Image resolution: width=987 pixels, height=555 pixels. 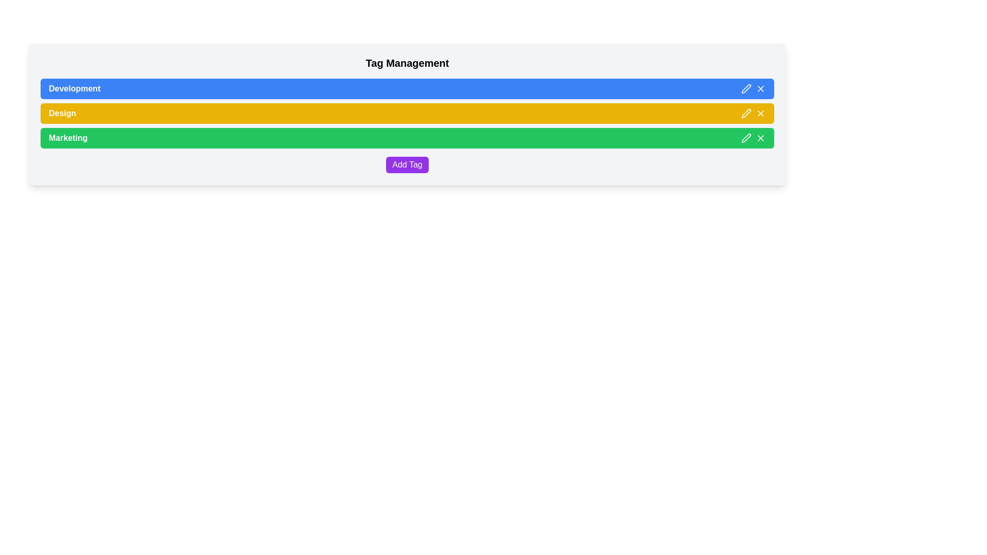 I want to click on the small 'X' icon button on the right end of the yellow horizontal bar labeled 'Design', so click(x=760, y=113).